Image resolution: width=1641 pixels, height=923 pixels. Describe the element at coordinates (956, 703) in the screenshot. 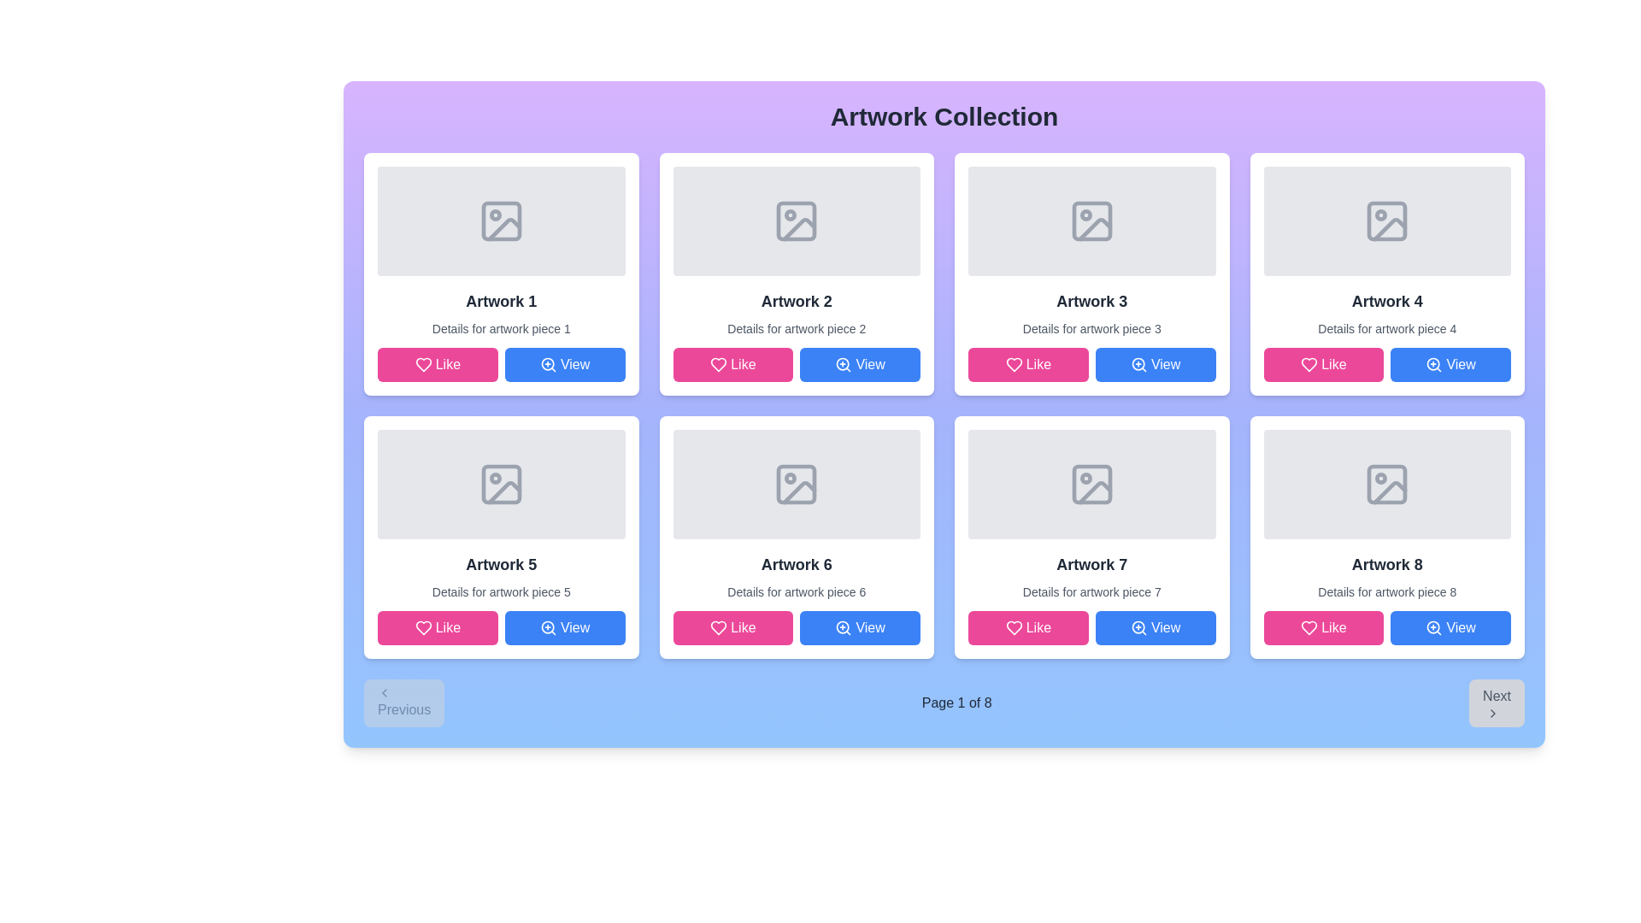

I see `the text label displaying 'Page 1 of 8' in a medium-weight, gray font located on a blue background within the pagination control bar at the bottom of the page` at that location.